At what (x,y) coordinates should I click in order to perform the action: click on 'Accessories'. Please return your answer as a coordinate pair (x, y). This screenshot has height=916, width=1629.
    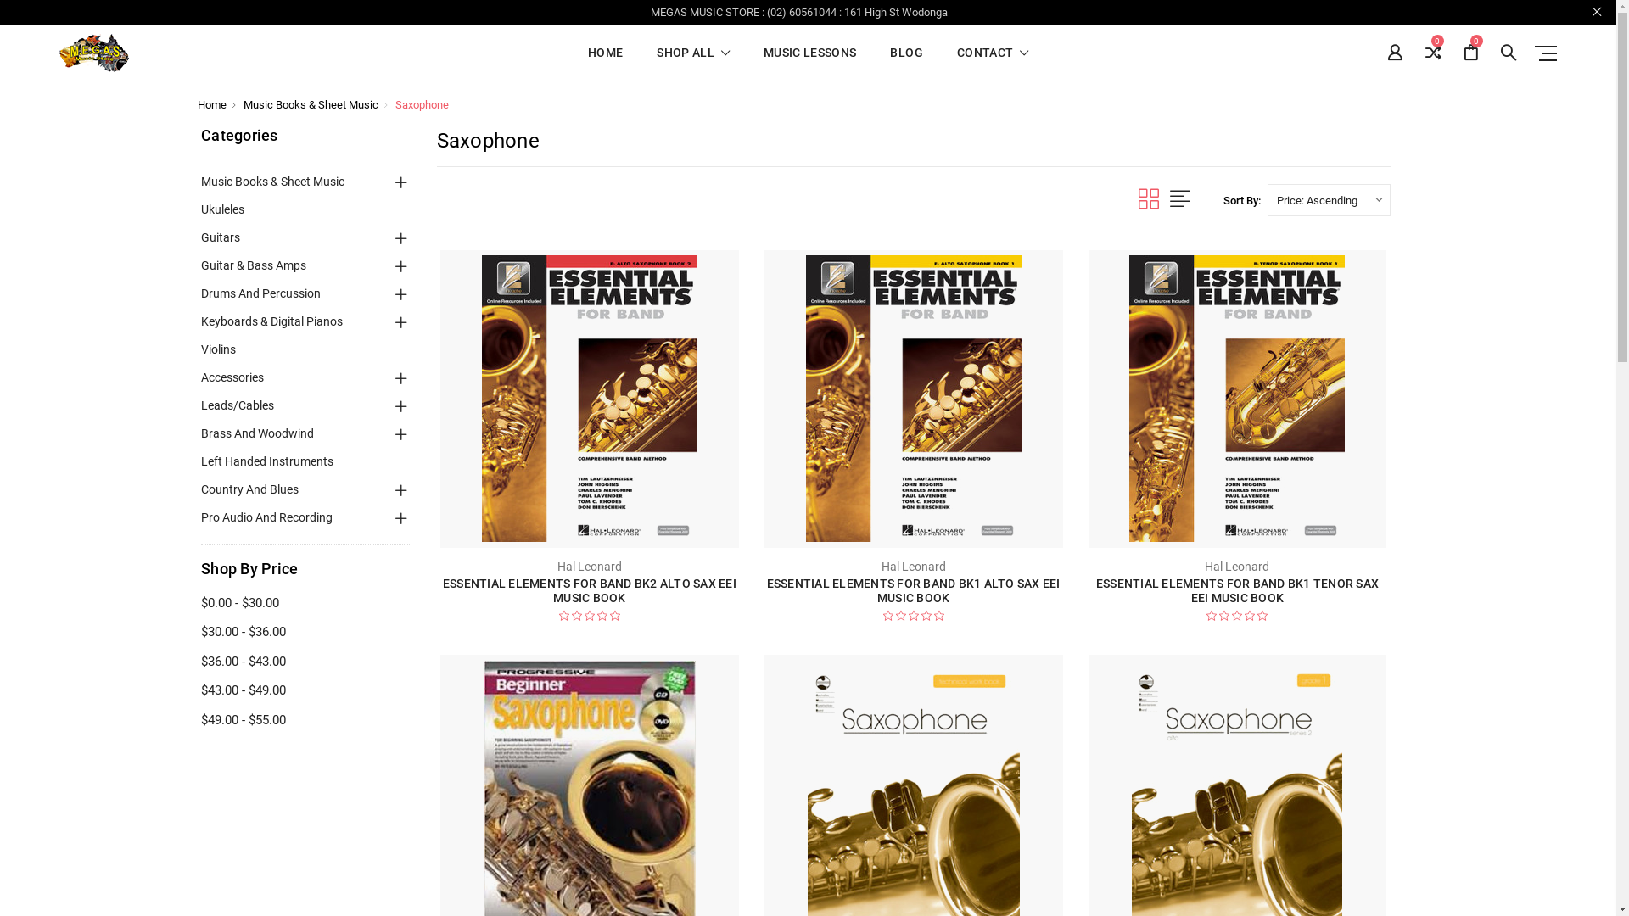
    Looking at the image, I should click on (231, 375).